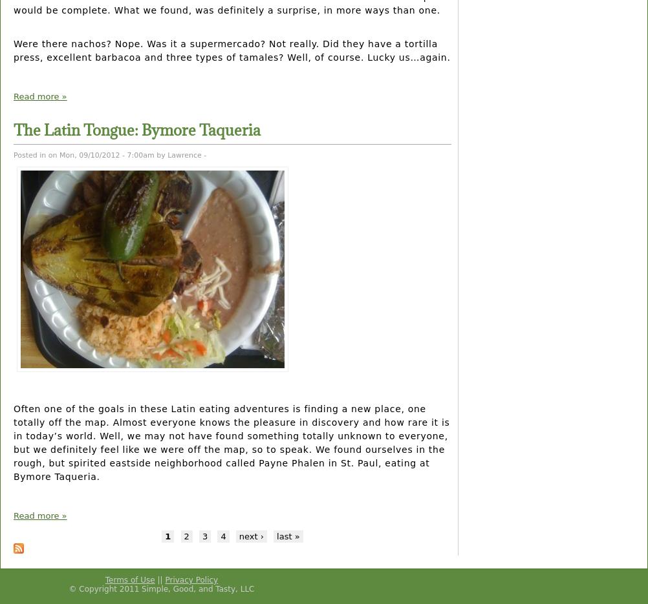 The width and height of the screenshot is (648, 604). Describe the element at coordinates (137, 129) in the screenshot. I see `'The Latin Tongue: Bymore Taqueria'` at that location.